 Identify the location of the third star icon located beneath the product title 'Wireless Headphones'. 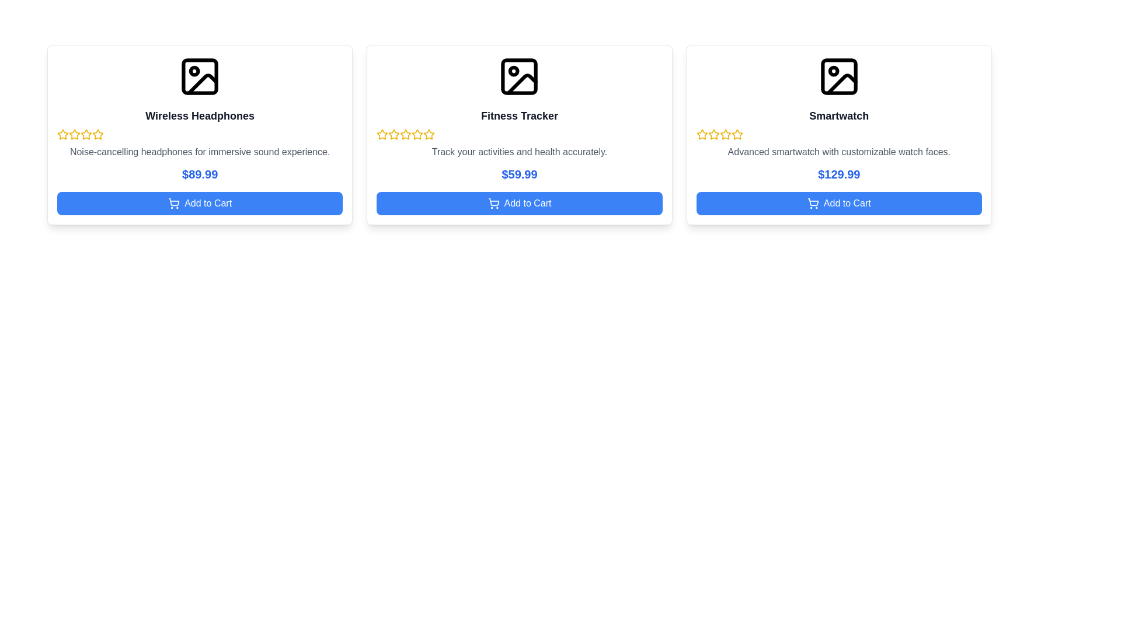
(74, 134).